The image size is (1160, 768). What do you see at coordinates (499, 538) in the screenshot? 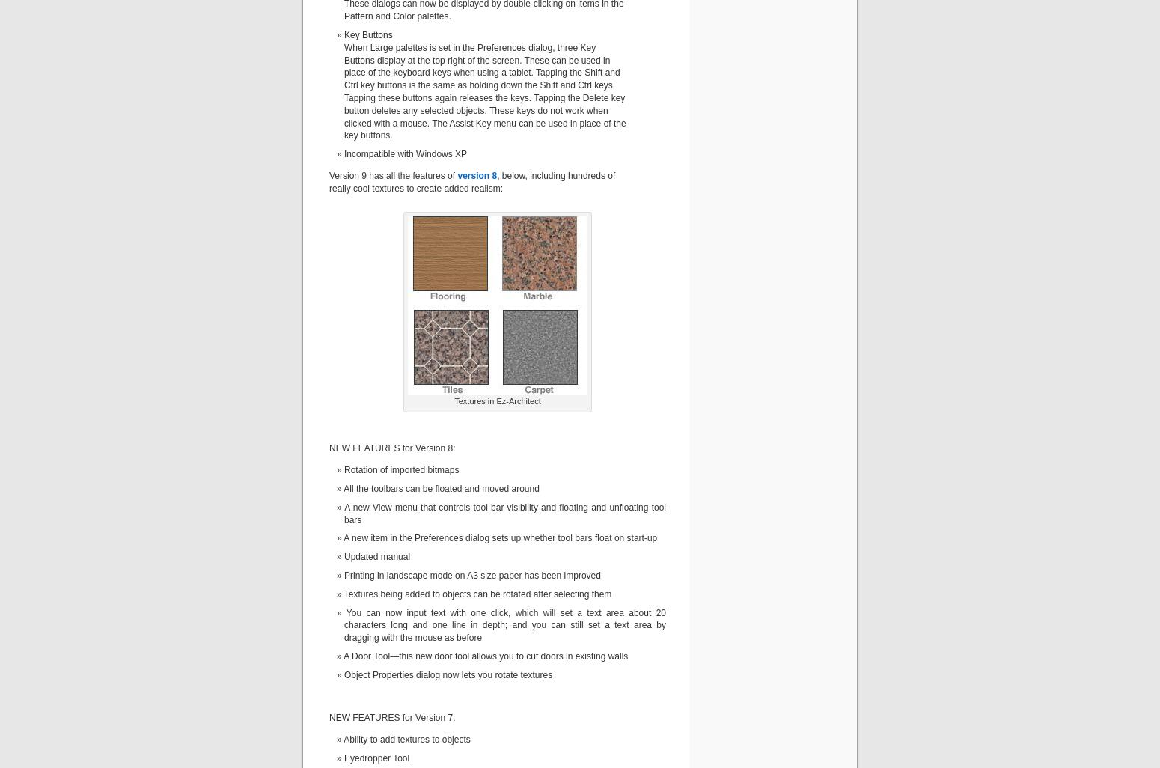
I see `'A new item in the Preferences dialog sets up whether tool bars float on start-up'` at bounding box center [499, 538].